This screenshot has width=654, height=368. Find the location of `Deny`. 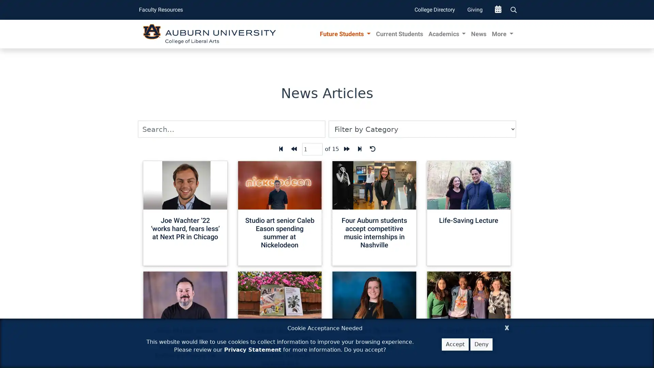

Deny is located at coordinates (481, 344).